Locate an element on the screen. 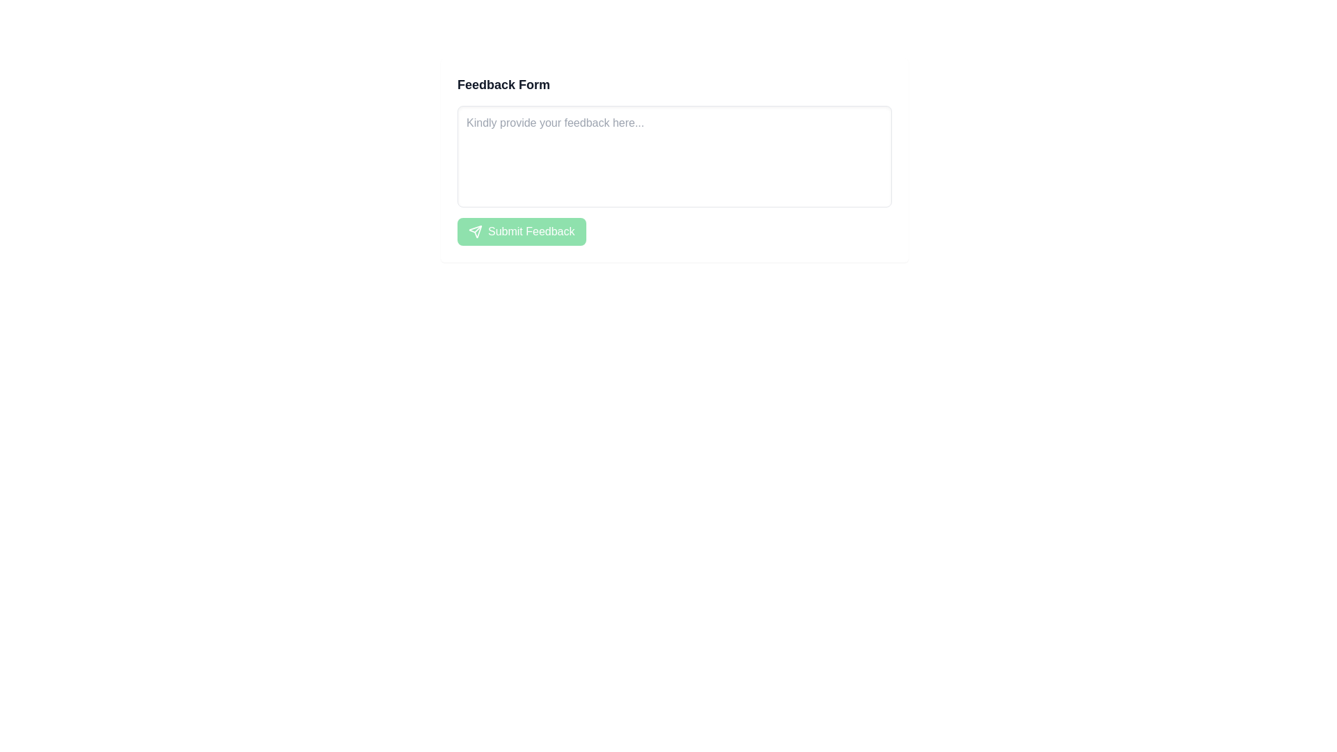 Image resolution: width=1337 pixels, height=752 pixels. the 'Submit Feedback' label which is located inside a green button with white text, part of the feedback submission interface is located at coordinates (531, 230).